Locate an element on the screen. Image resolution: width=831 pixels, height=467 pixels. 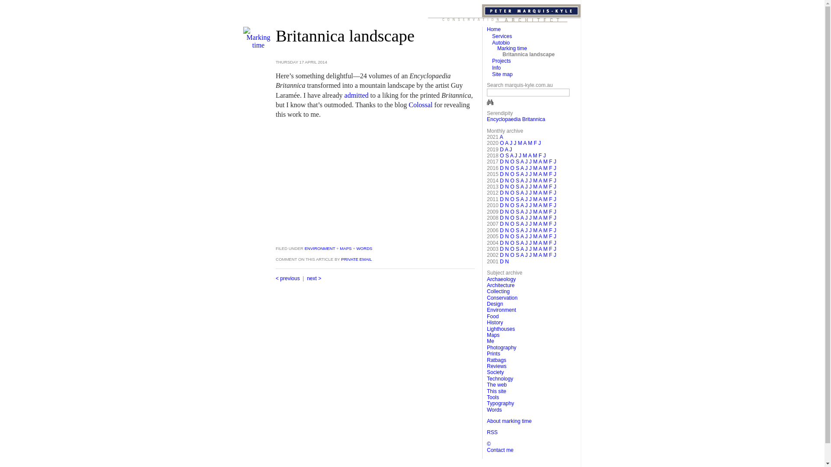
'ENVIRONMENT' is located at coordinates (303, 248).